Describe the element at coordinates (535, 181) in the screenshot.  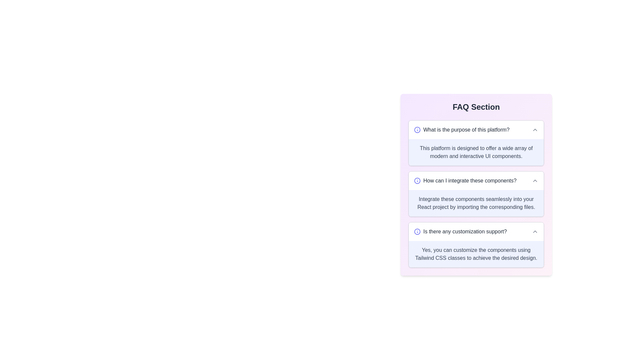
I see `the upward-facing gray chevron icon next to the question 'How can I integrate these components?'` at that location.